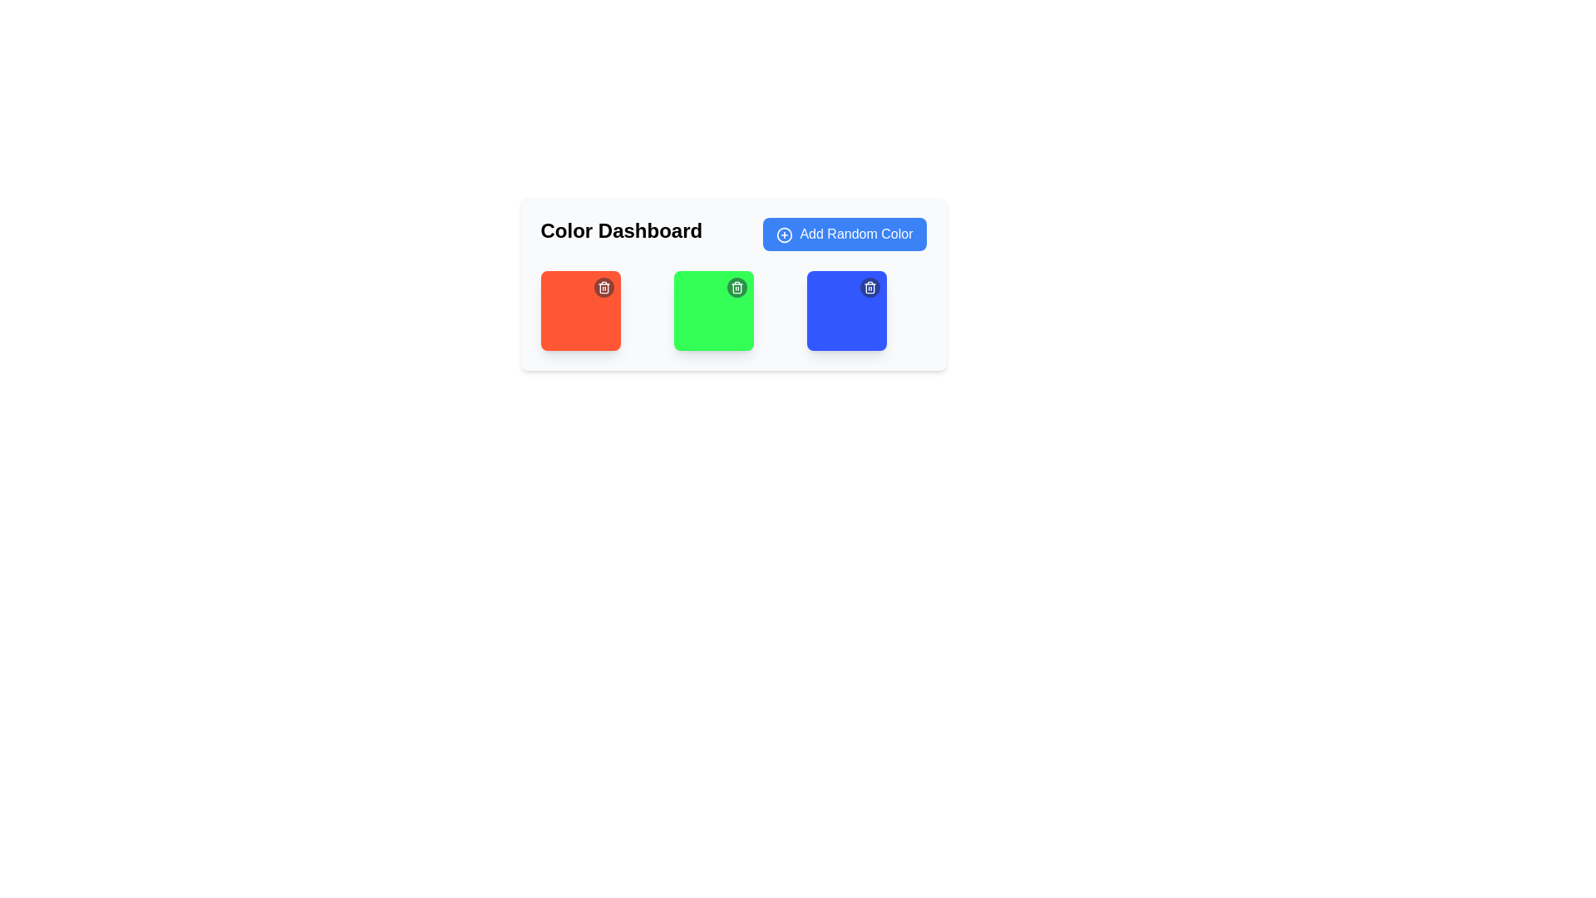 This screenshot has height=898, width=1596. What do you see at coordinates (845, 234) in the screenshot?
I see `the rectangular button with rounded corners and a blue background that contains the text 'Add Random Color'` at bounding box center [845, 234].